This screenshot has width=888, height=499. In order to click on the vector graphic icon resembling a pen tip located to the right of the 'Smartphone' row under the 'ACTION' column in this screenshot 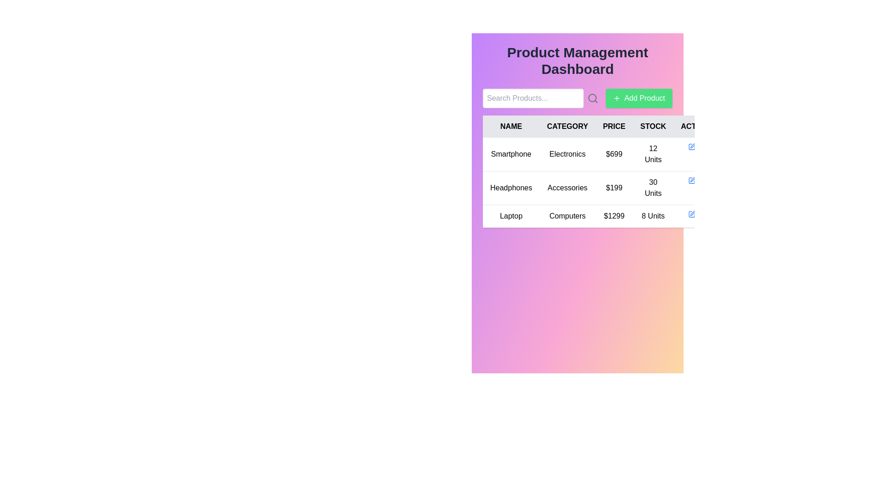, I will do `click(693, 146)`.